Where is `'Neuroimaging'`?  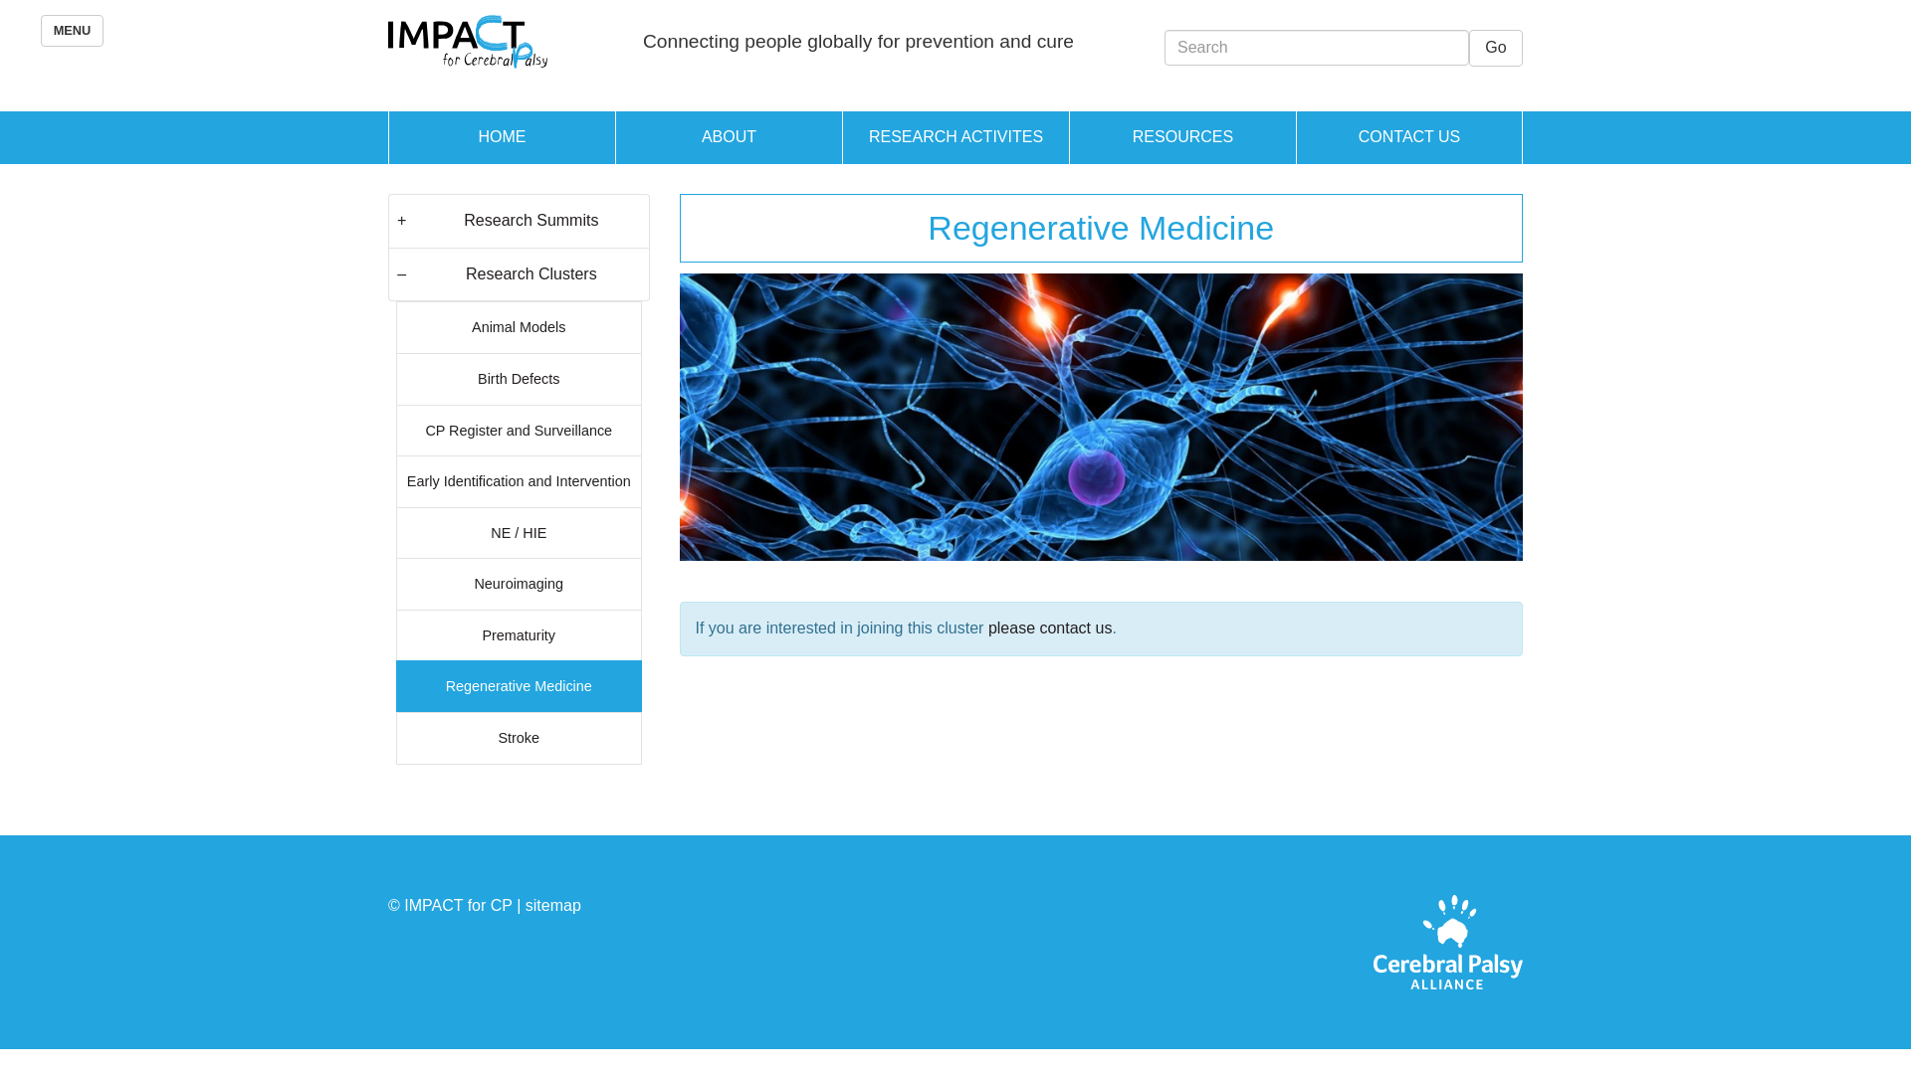 'Neuroimaging' is located at coordinates (519, 582).